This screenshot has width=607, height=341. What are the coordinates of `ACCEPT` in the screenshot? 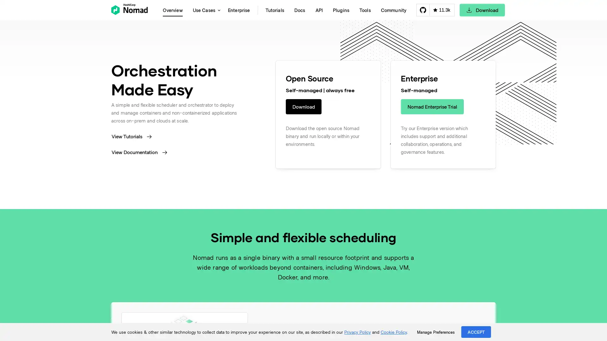 It's located at (476, 332).